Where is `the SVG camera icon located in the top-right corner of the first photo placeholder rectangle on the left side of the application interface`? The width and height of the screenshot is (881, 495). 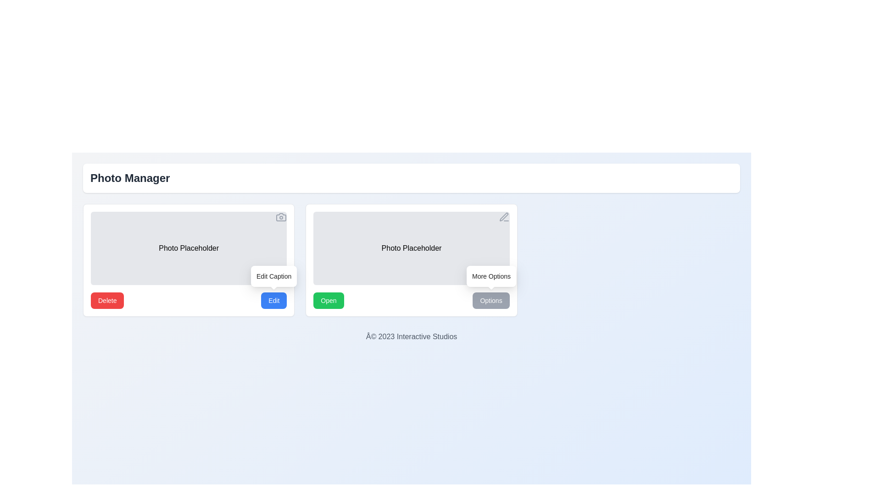
the SVG camera icon located in the top-right corner of the first photo placeholder rectangle on the left side of the application interface is located at coordinates (281, 217).